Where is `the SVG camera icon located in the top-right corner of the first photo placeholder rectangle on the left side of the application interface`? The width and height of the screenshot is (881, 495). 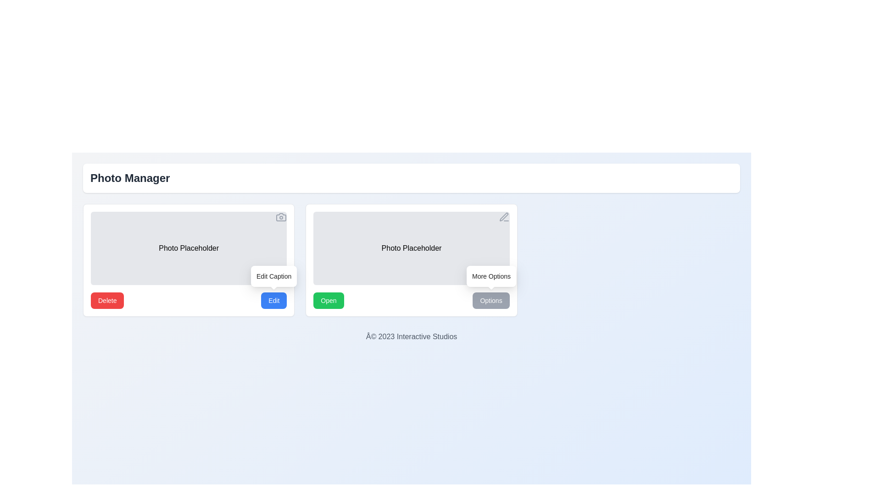
the SVG camera icon located in the top-right corner of the first photo placeholder rectangle on the left side of the application interface is located at coordinates (281, 217).